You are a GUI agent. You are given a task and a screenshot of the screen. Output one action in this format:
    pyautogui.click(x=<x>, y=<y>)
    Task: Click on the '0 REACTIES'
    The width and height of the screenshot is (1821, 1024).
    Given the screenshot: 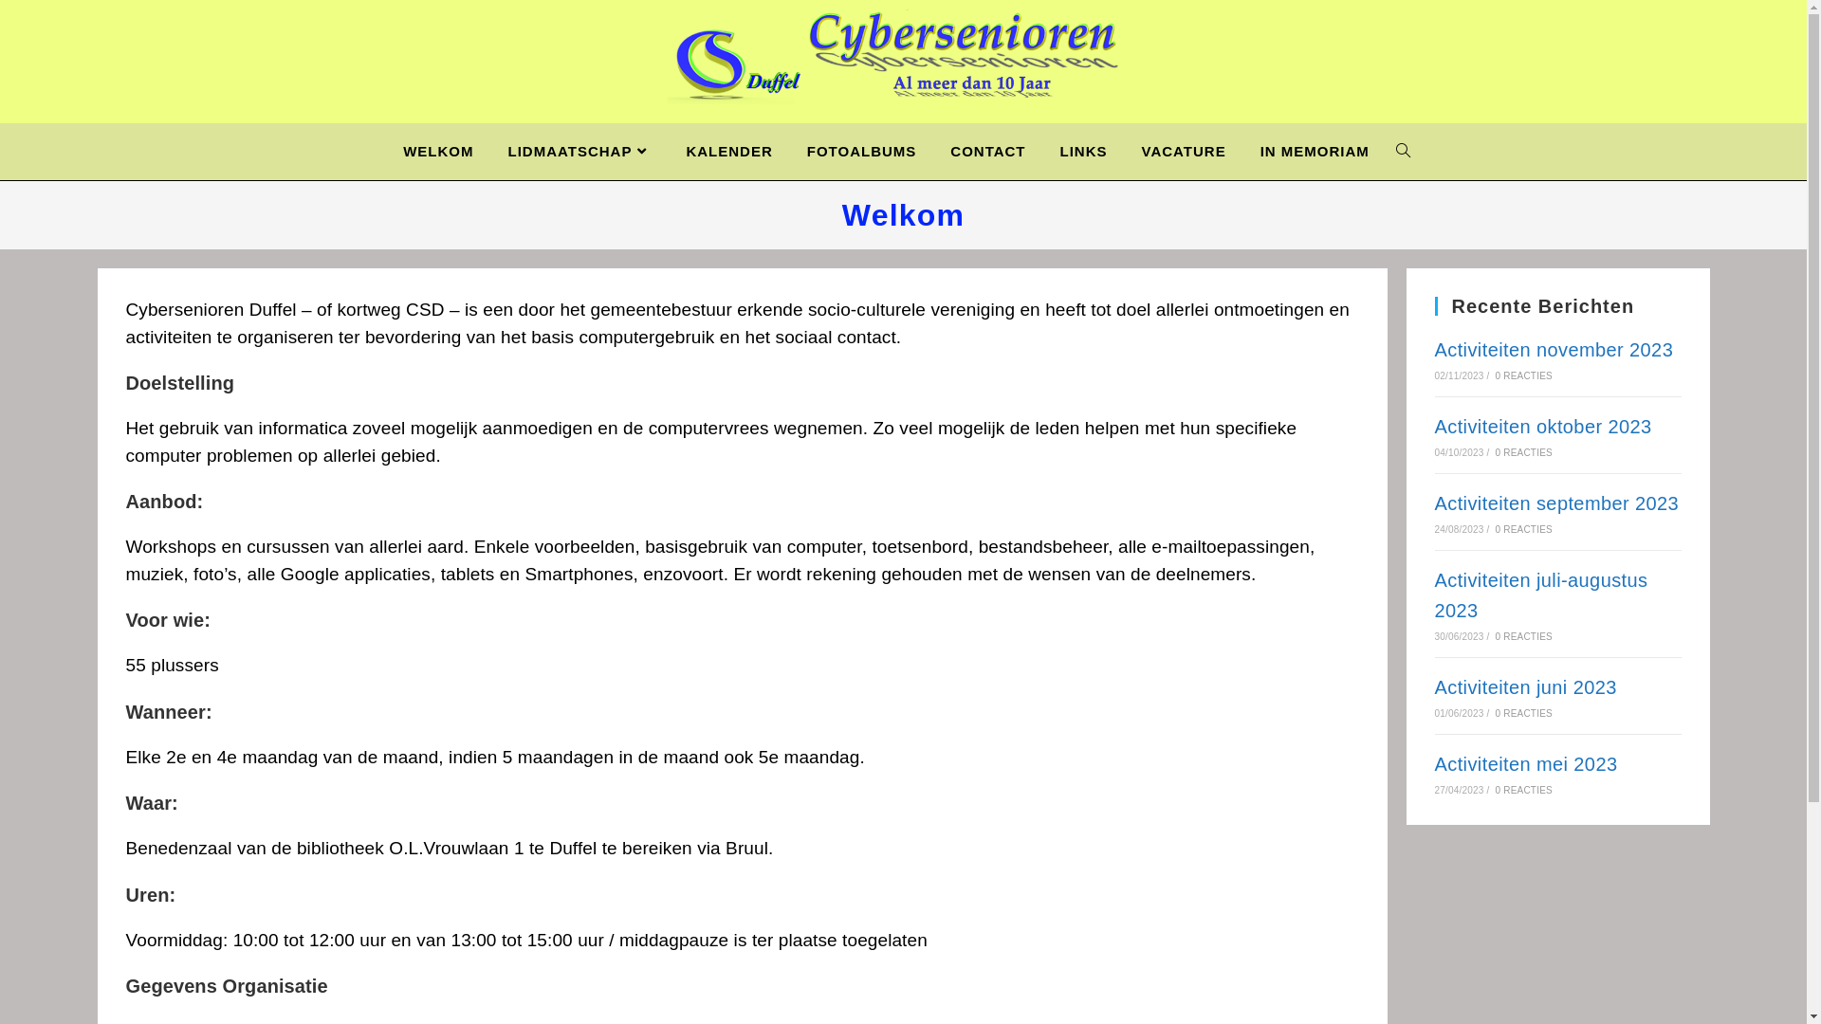 What is the action you would take?
    pyautogui.click(x=1524, y=790)
    